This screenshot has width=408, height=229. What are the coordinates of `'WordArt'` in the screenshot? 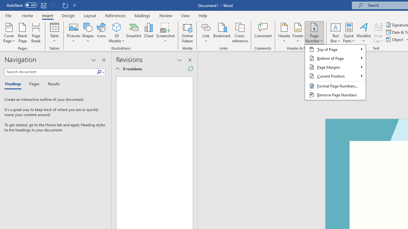 It's located at (364, 33).